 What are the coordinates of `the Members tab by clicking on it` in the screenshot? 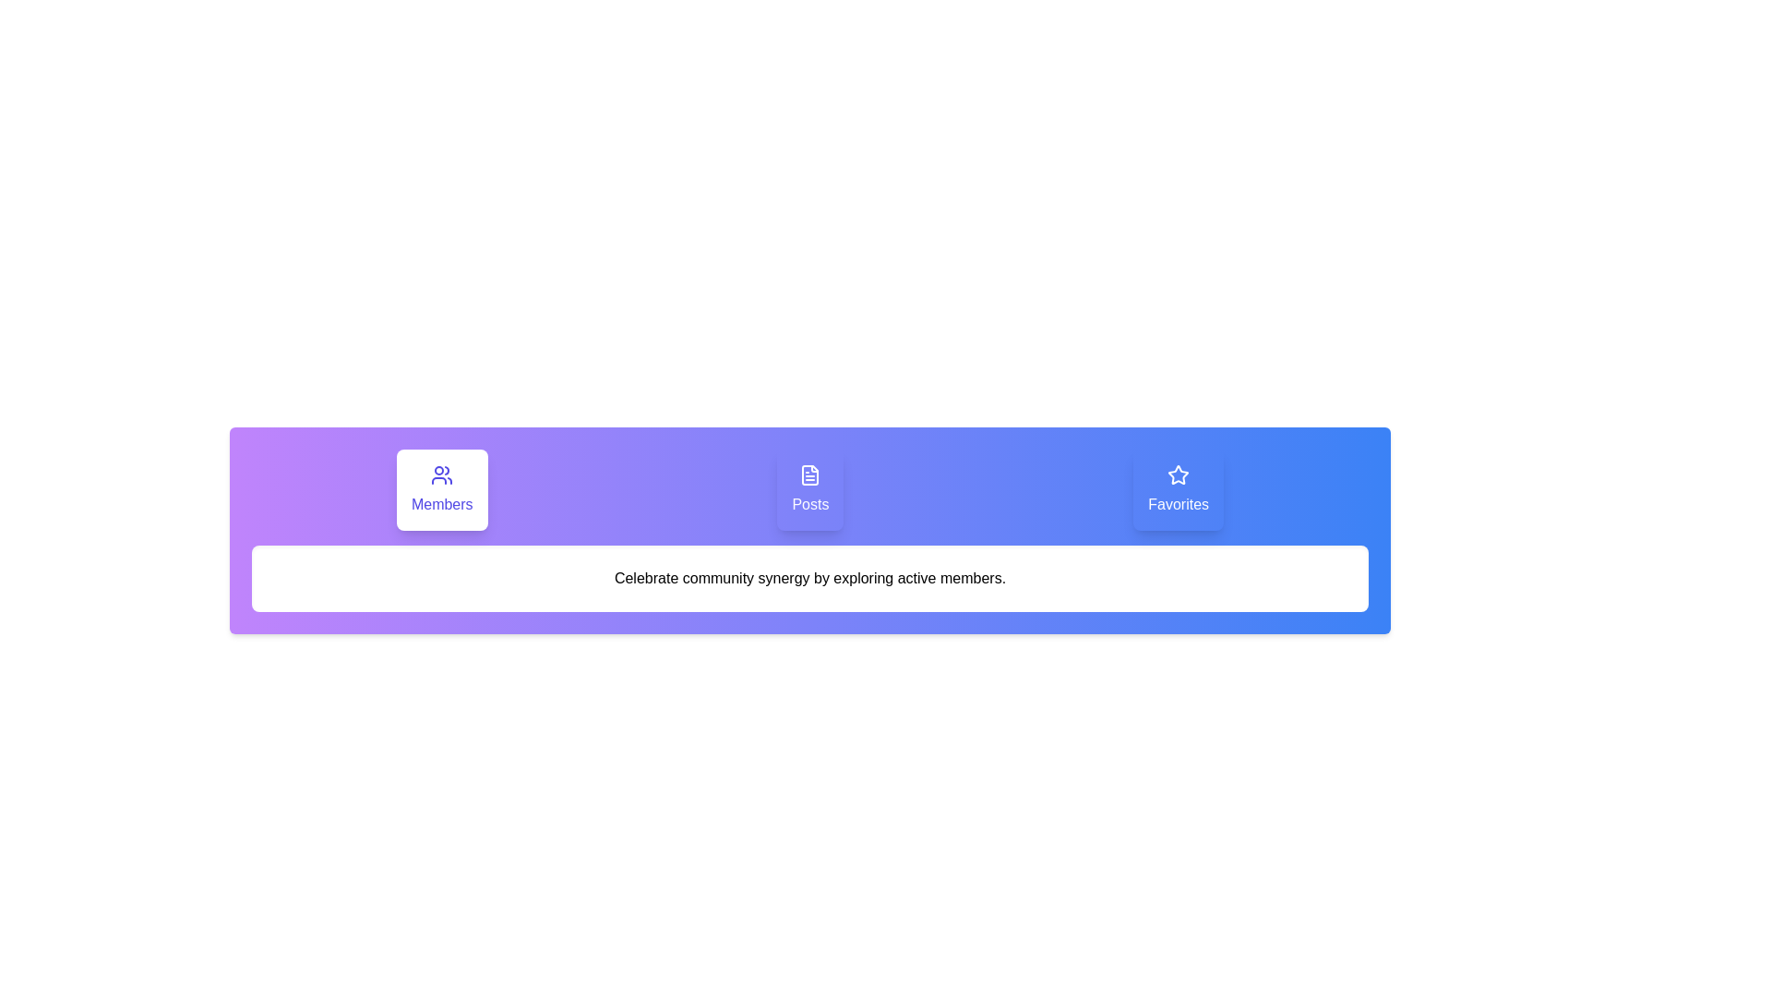 It's located at (441, 489).